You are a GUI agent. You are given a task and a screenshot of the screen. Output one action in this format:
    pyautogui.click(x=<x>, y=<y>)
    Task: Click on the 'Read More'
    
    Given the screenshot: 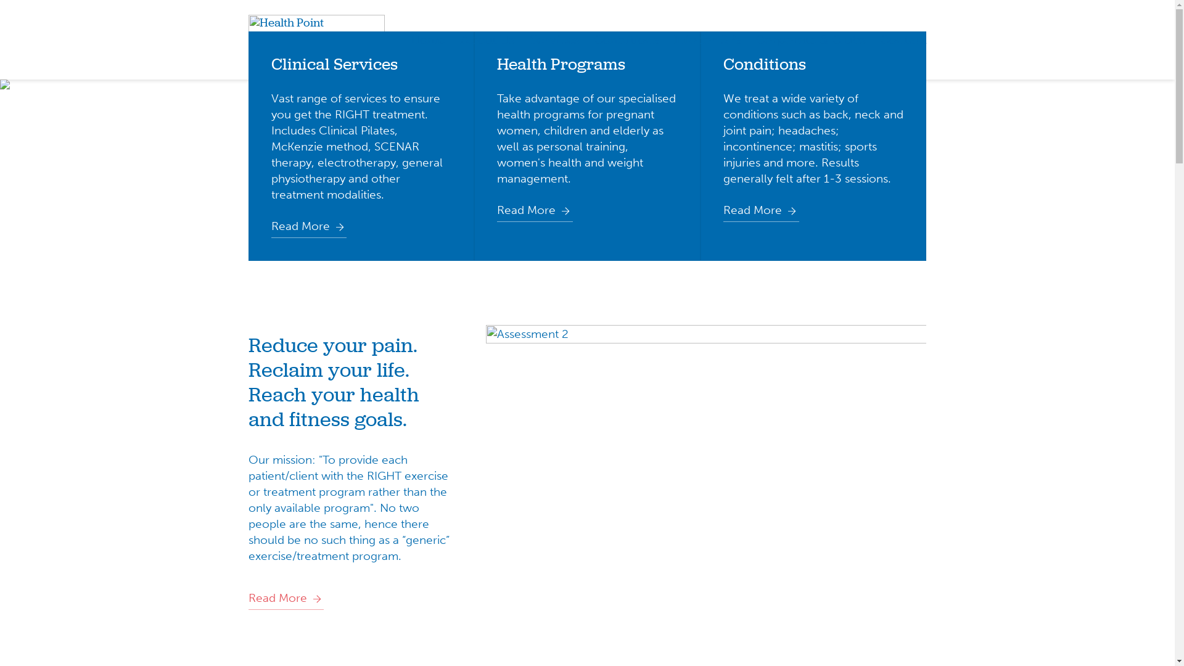 What is the action you would take?
    pyautogui.click(x=535, y=209)
    